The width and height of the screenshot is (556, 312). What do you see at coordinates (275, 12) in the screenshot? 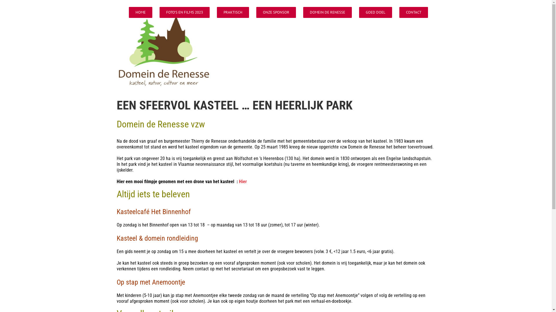
I see `'ONZE SPONSOR'` at bounding box center [275, 12].